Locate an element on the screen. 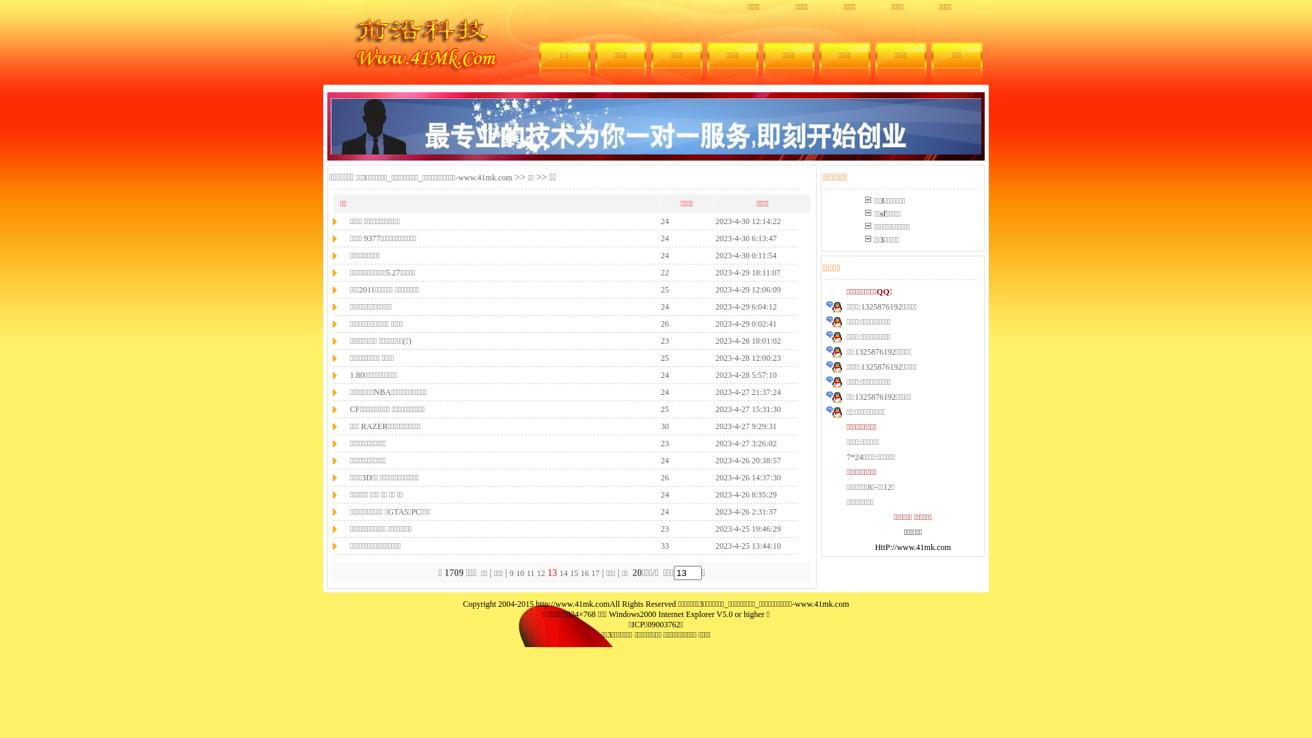 The image size is (1312, 738). '12' is located at coordinates (541, 573).